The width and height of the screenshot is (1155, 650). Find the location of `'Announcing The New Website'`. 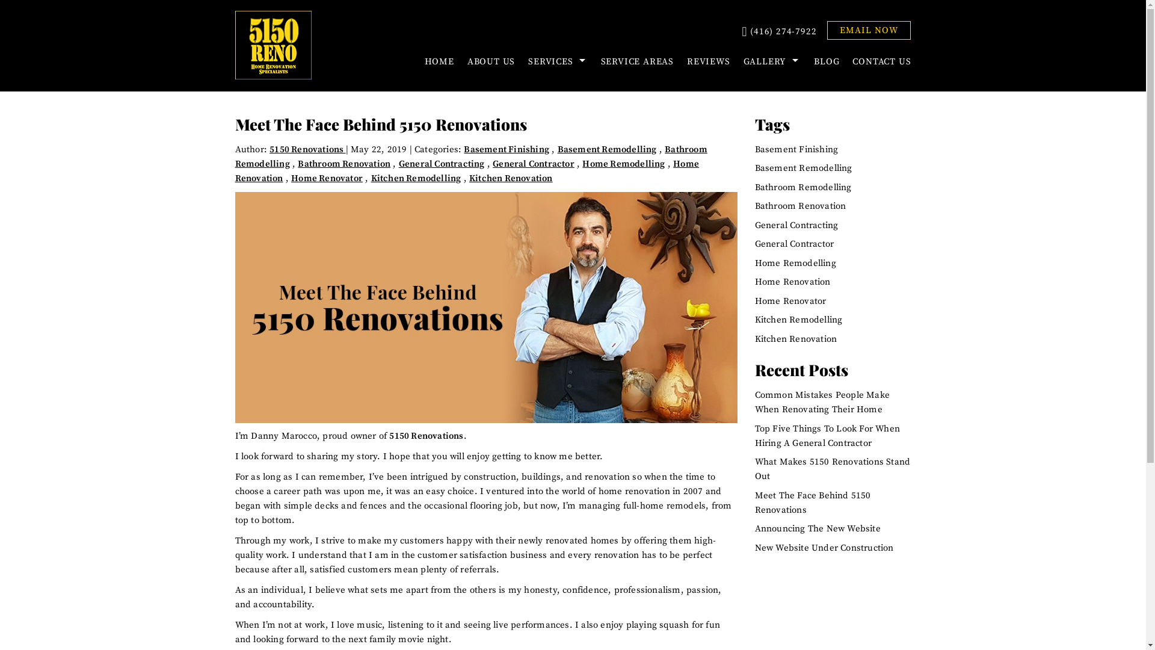

'Announcing The New Website' is located at coordinates (818, 528).